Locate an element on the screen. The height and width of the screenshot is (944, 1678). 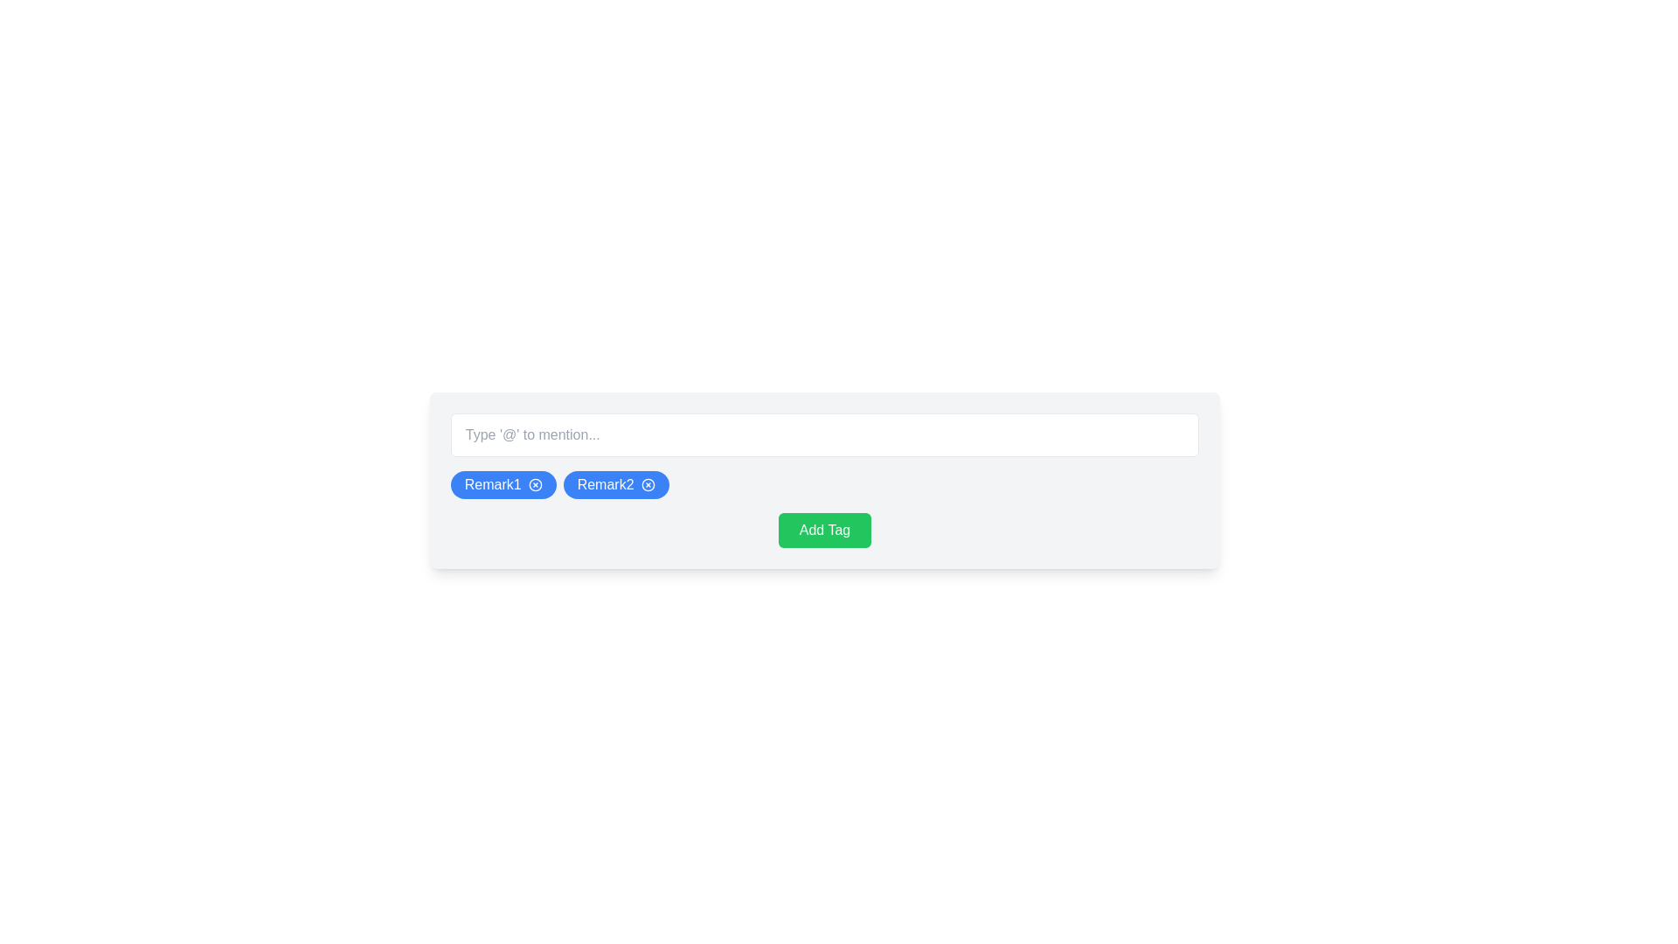
the blue rectangular button labeled 'Remark1' with an embedded close icon is located at coordinates (503, 485).